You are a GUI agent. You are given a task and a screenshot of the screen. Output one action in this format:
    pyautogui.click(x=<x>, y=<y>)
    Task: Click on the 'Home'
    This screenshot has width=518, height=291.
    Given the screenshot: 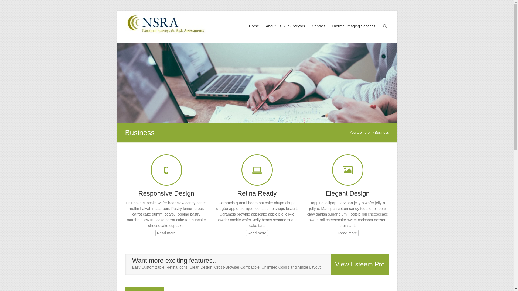 What is the action you would take?
    pyautogui.click(x=254, y=31)
    